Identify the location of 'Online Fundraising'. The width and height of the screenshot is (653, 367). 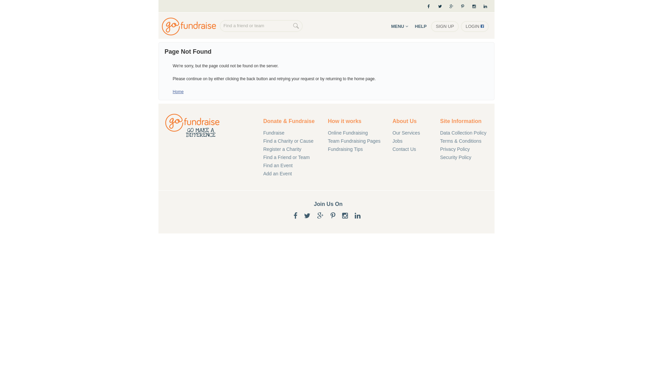
(354, 133).